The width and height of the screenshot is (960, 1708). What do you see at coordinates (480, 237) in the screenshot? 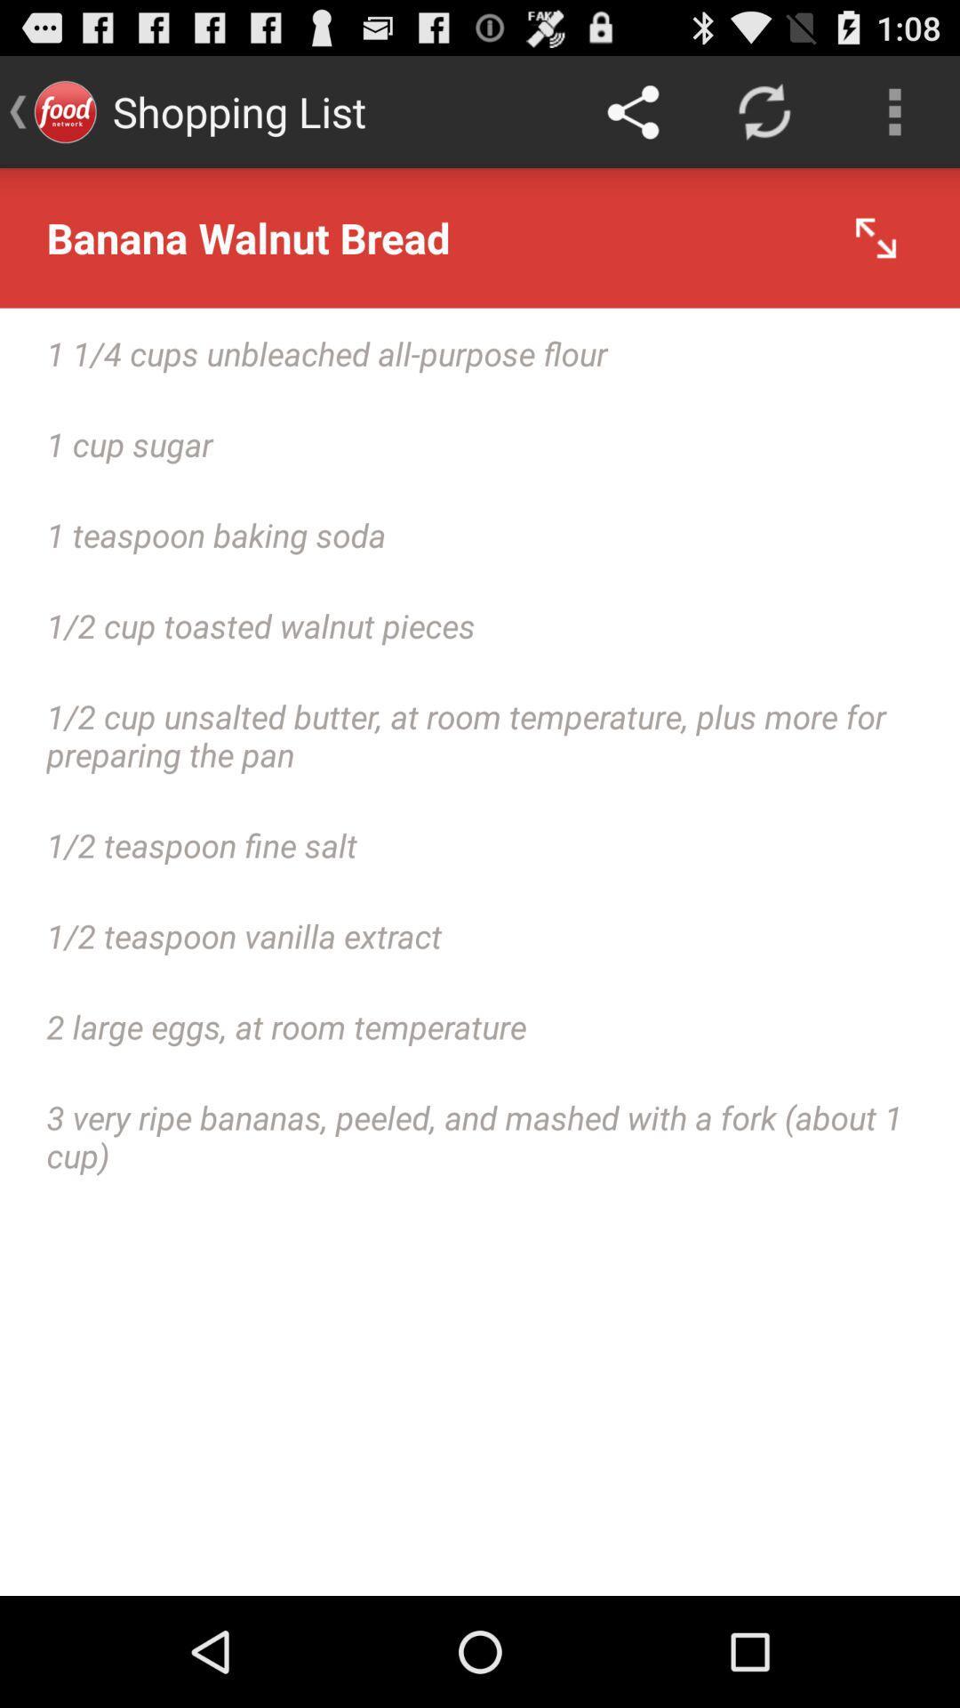
I see `banana walnut bread app` at bounding box center [480, 237].